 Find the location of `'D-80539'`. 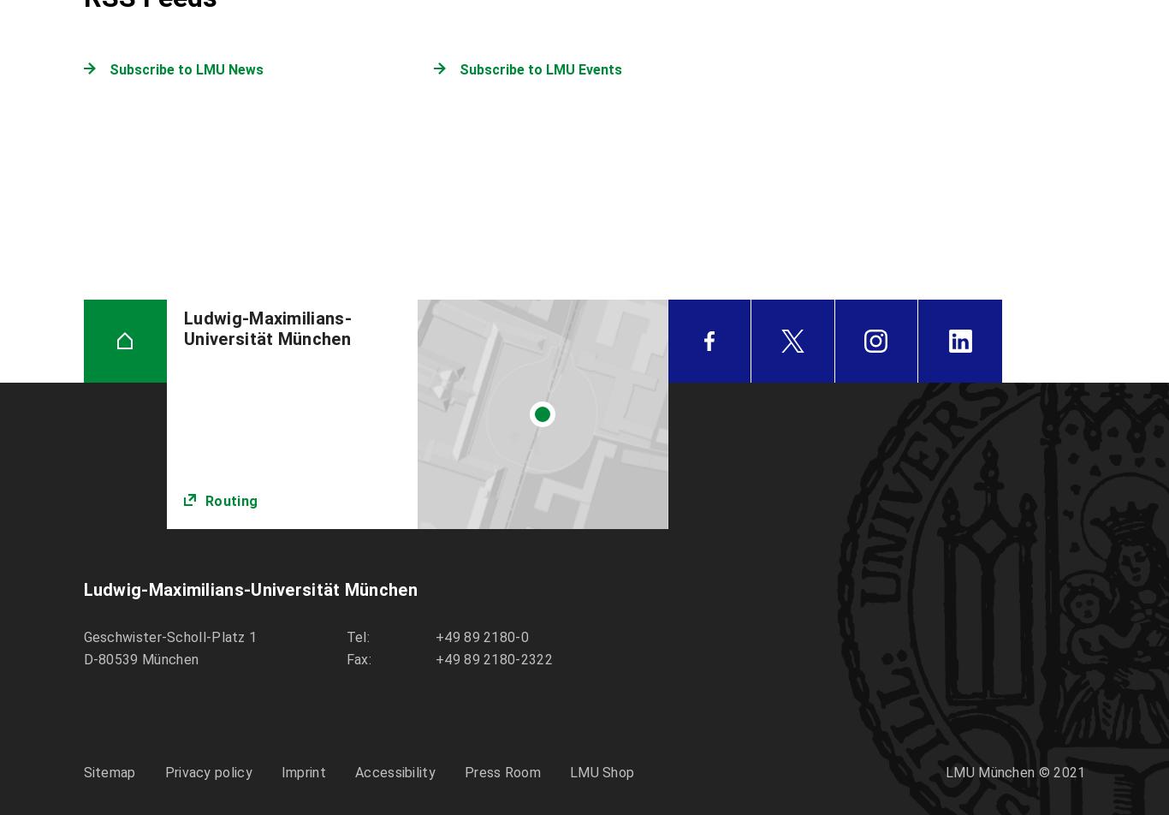

'D-80539' is located at coordinates (109, 658).